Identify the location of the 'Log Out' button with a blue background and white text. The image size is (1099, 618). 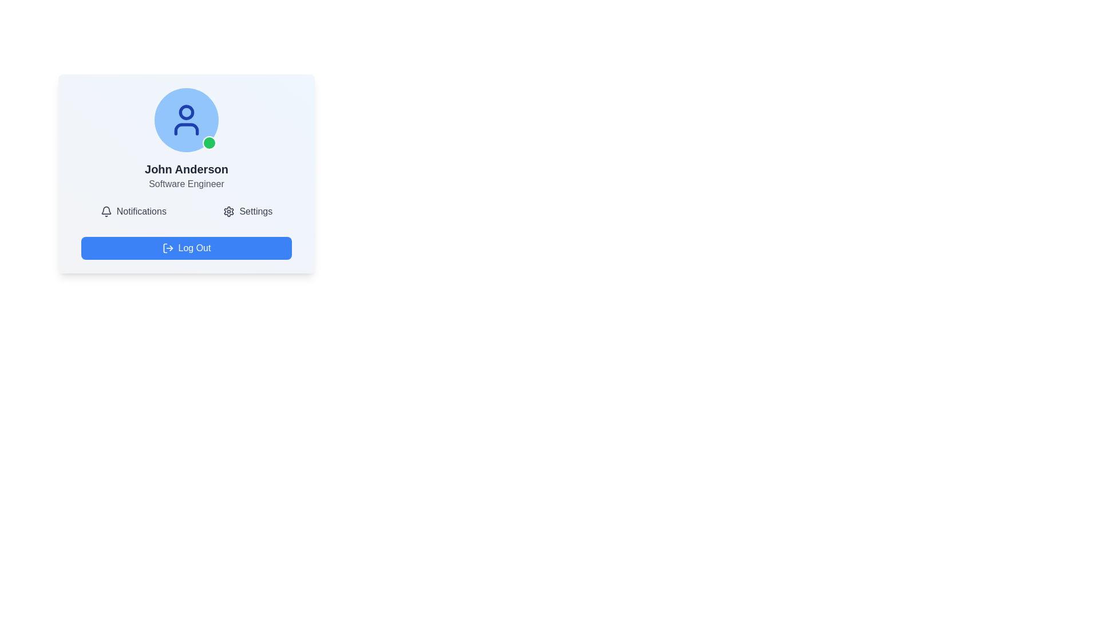
(187, 248).